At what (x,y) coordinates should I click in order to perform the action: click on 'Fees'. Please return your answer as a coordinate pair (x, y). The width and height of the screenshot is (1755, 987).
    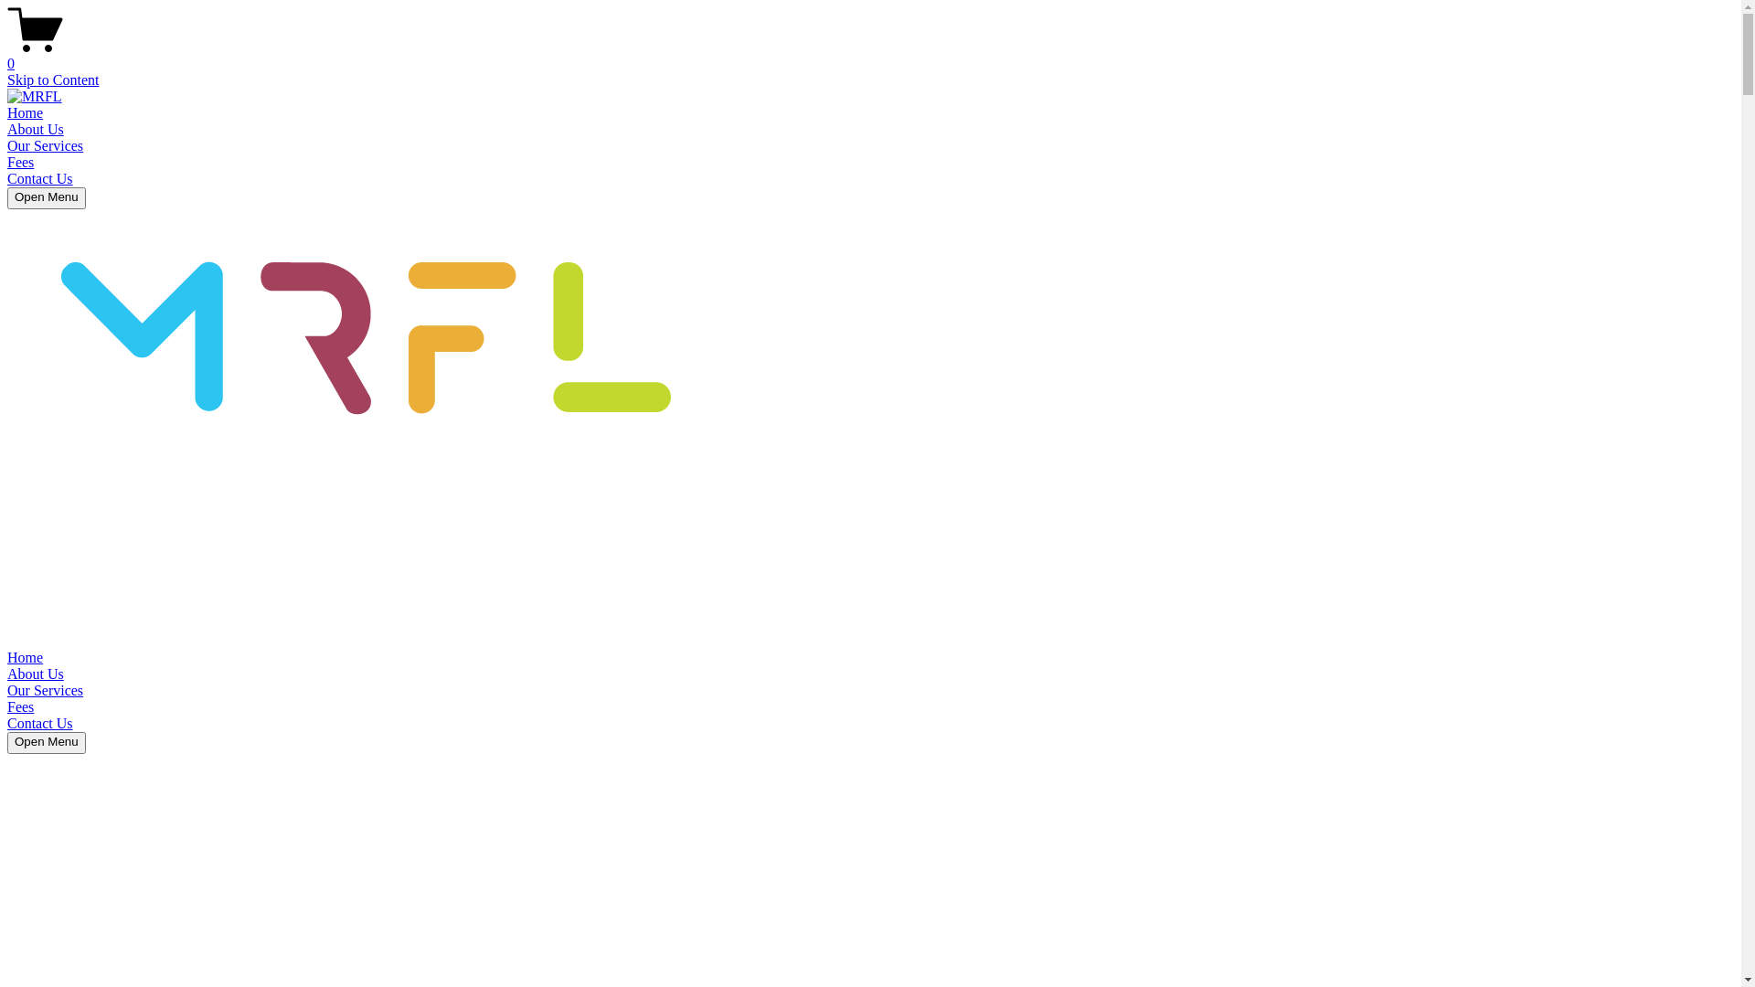
    Looking at the image, I should click on (20, 706).